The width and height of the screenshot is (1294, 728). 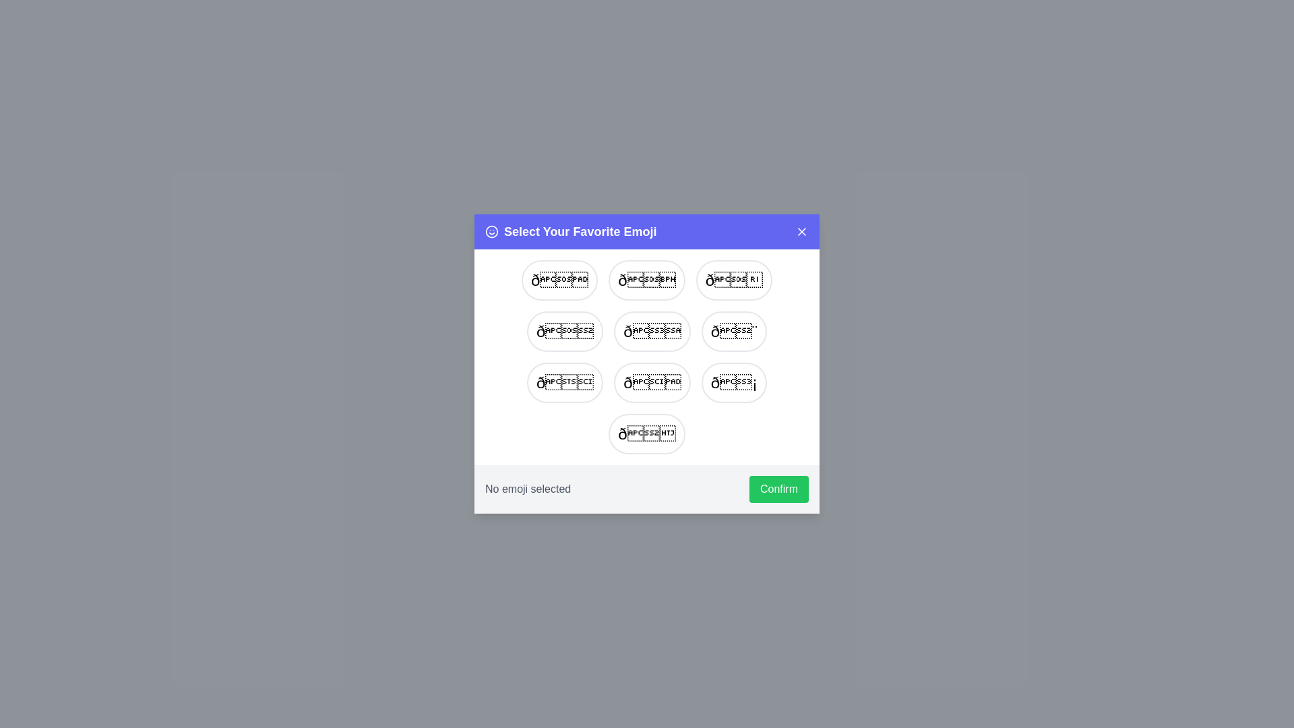 I want to click on the emoji 🏆 from the list, so click(x=652, y=332).